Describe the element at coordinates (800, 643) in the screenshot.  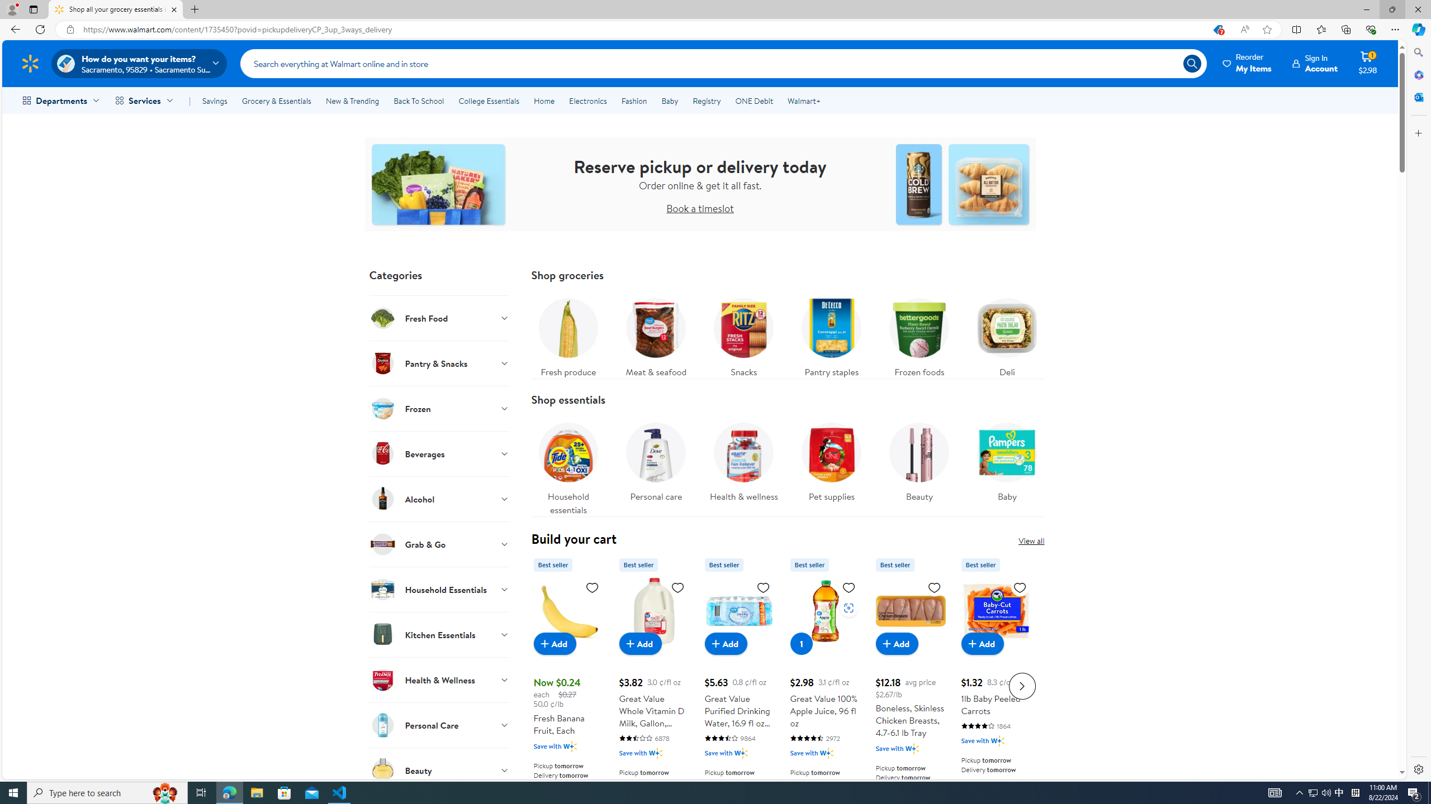
I see `'1 in cart, Great Value 100% Apple Juice, 96 fl oz'` at that location.